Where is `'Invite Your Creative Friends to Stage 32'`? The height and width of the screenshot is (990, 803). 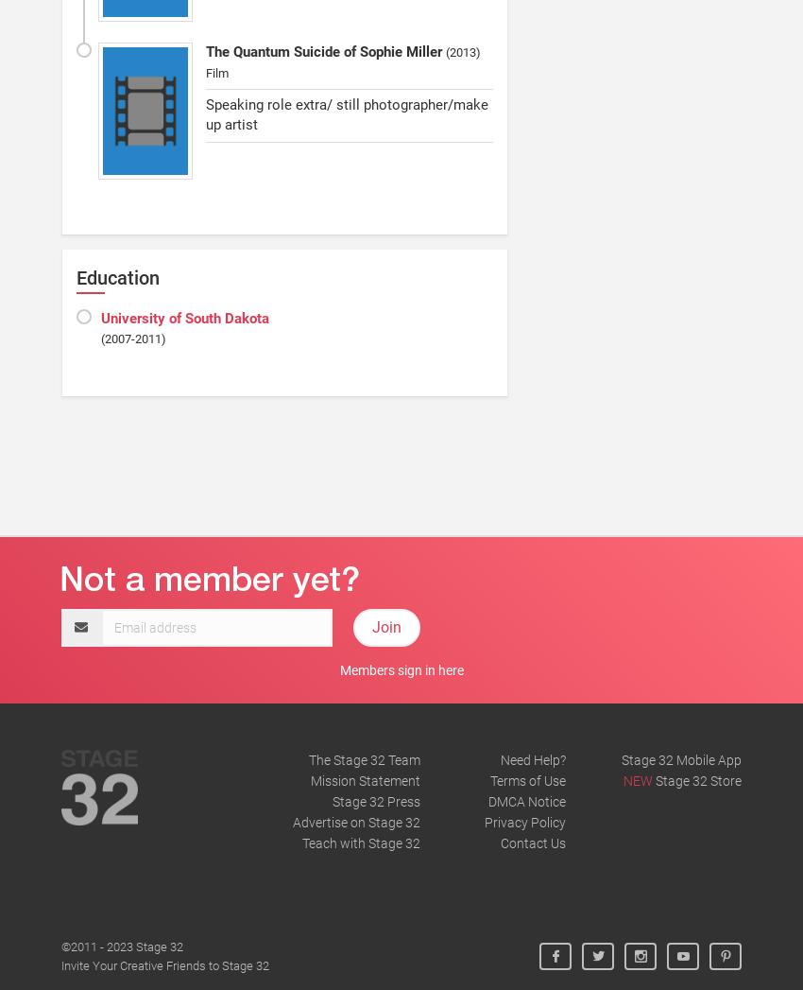 'Invite Your Creative Friends to Stage 32' is located at coordinates (61, 964).